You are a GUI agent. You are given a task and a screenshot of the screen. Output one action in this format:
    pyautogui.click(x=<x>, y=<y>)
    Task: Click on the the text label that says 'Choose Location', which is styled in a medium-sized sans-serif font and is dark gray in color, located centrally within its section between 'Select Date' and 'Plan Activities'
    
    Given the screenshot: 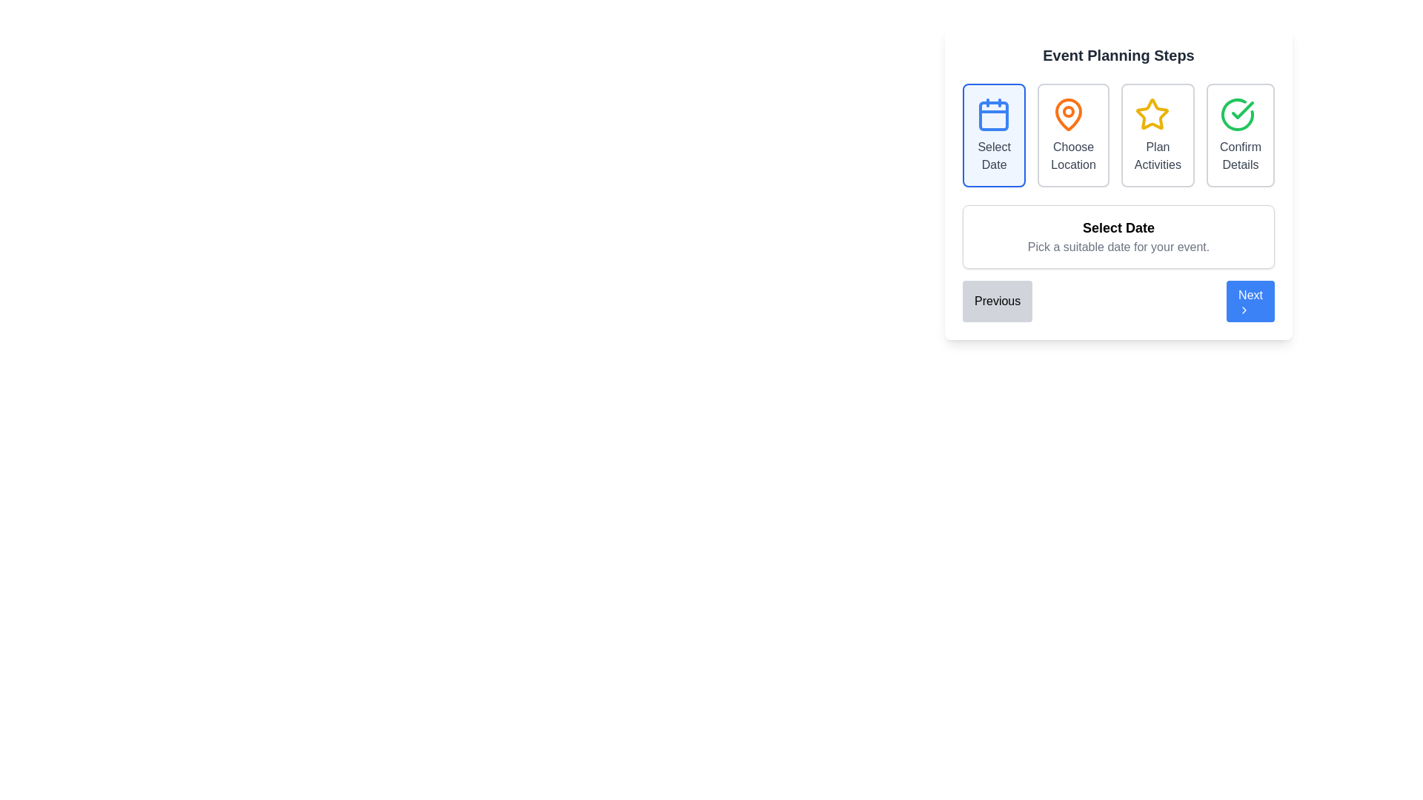 What is the action you would take?
    pyautogui.click(x=1073, y=156)
    